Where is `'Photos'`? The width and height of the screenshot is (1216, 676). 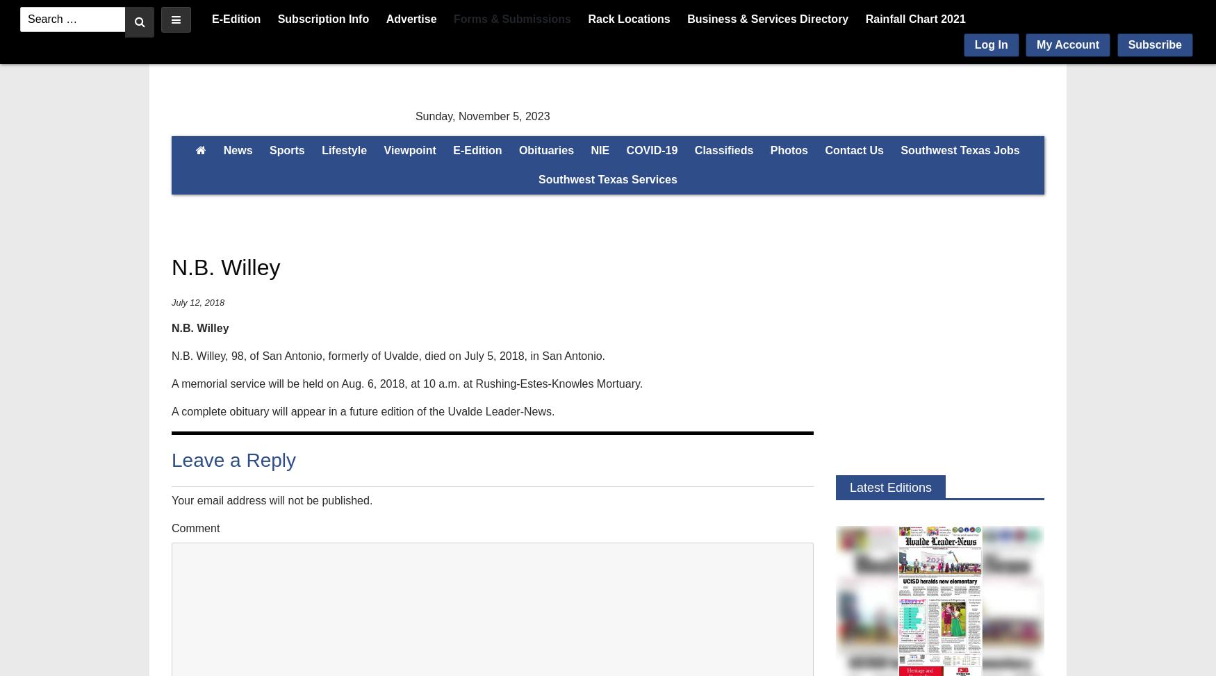
'Photos' is located at coordinates (788, 149).